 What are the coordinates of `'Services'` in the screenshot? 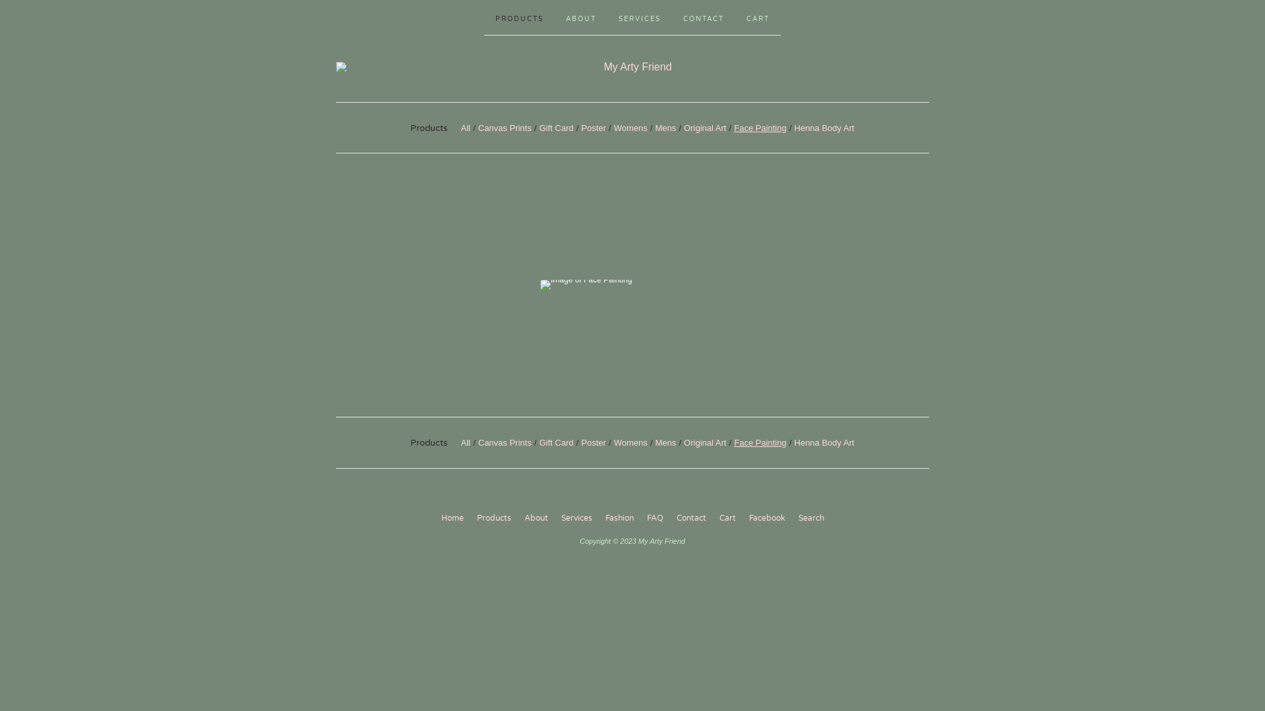 It's located at (576, 517).